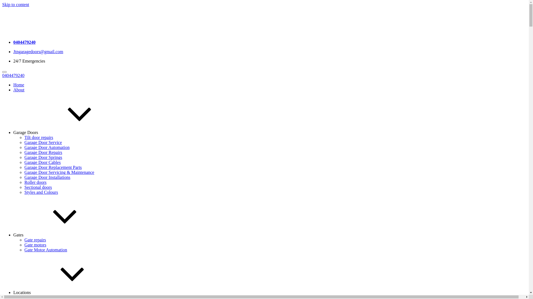 This screenshot has width=533, height=299. I want to click on 'Garage Door Service', so click(43, 142).